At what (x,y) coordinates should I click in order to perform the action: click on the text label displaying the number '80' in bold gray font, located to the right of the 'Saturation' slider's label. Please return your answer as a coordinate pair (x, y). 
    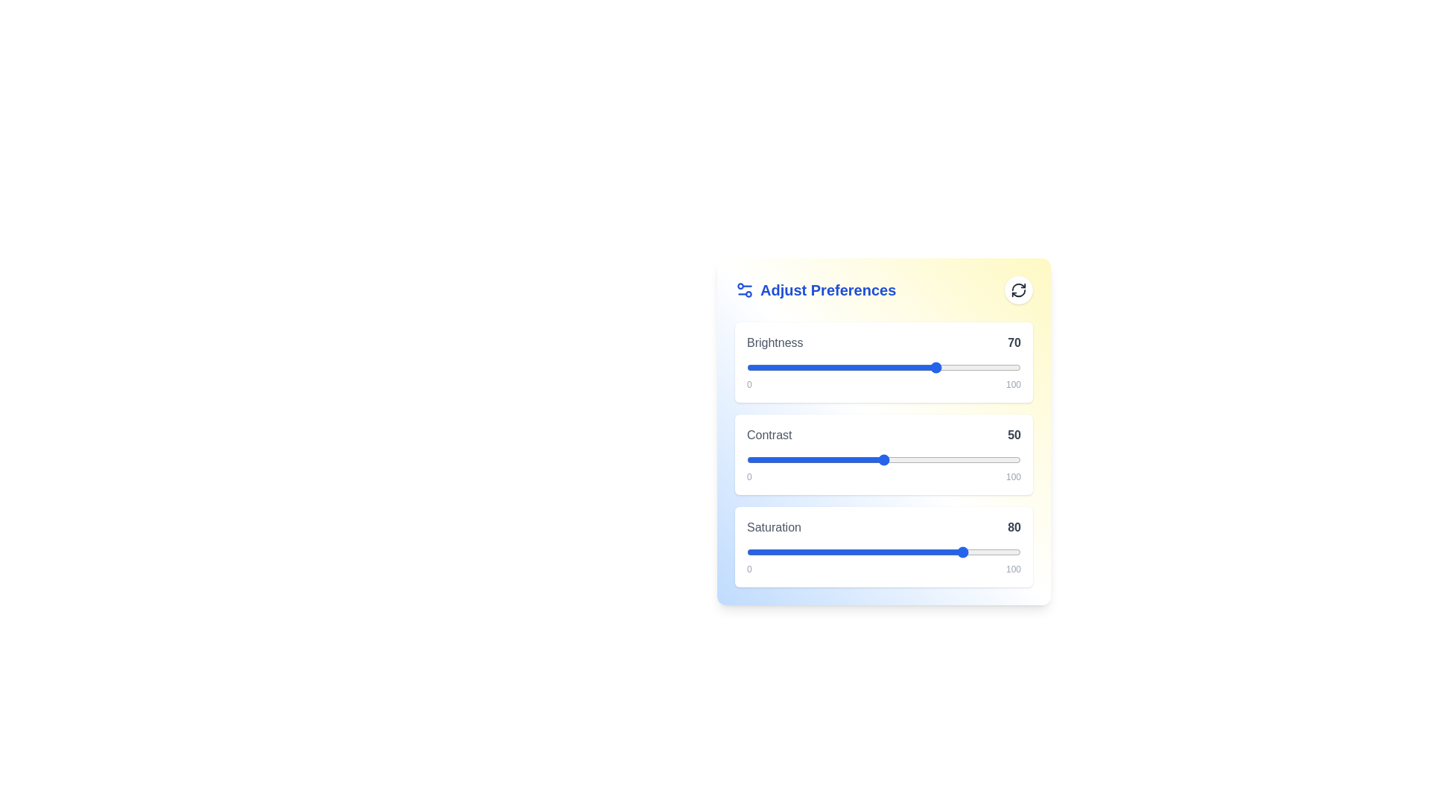
    Looking at the image, I should click on (1014, 527).